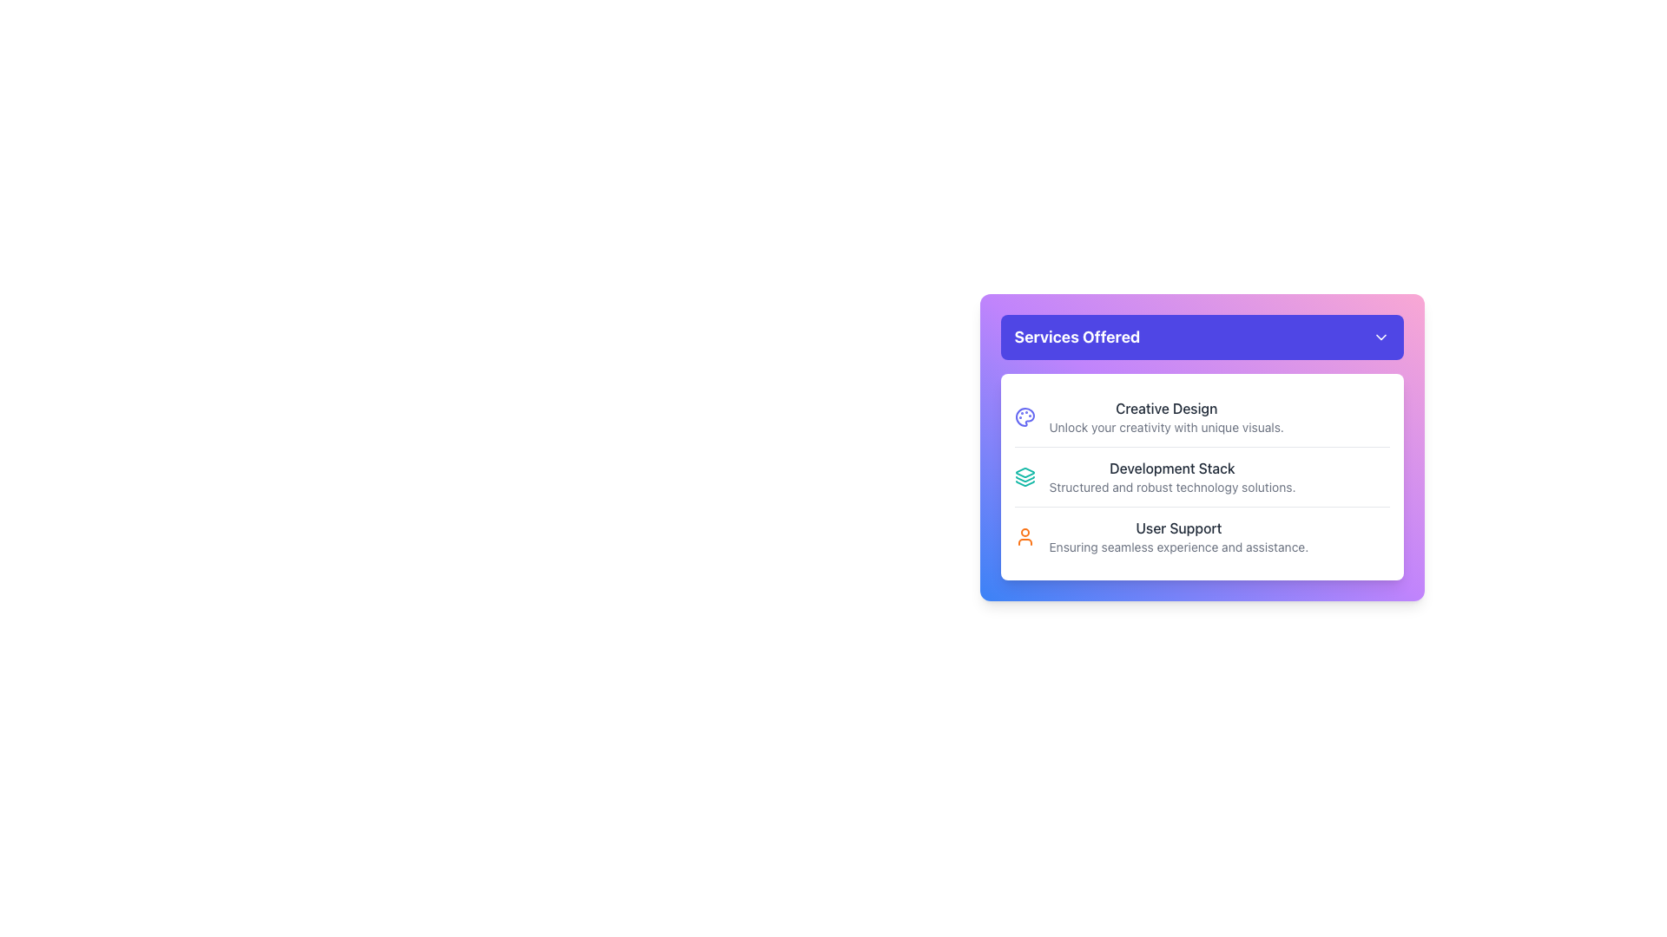 Image resolution: width=1667 pixels, height=937 pixels. Describe the element at coordinates (1166, 428) in the screenshot. I see `descriptive text phrase 'Unlock your creativity with unique visuals.' located below the title 'Creative Design' in the card-like section` at that location.